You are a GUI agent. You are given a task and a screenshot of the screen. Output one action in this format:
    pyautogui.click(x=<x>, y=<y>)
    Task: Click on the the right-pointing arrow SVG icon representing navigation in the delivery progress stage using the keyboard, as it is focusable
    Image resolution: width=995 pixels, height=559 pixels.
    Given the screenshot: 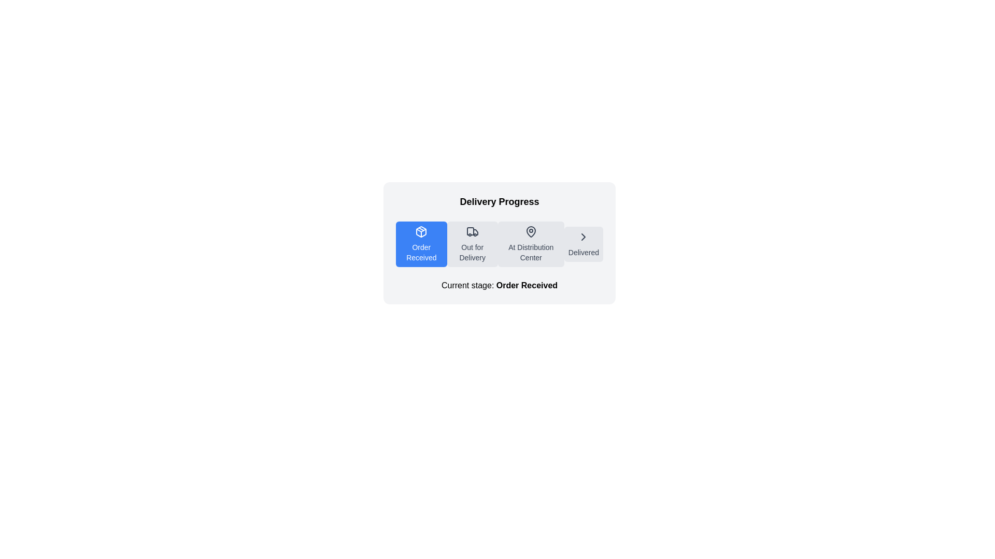 What is the action you would take?
    pyautogui.click(x=584, y=237)
    